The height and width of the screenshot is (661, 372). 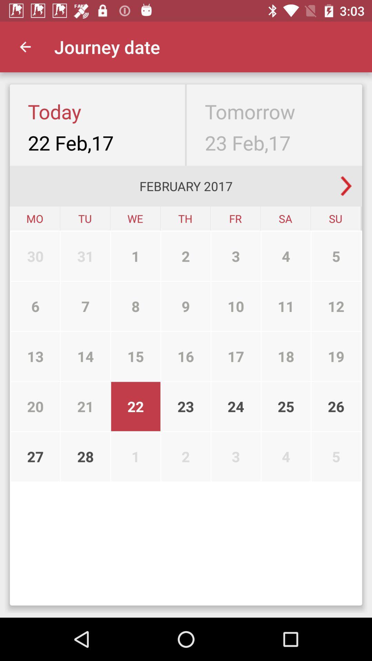 I want to click on the item next to 10 icon, so click(x=286, y=356).